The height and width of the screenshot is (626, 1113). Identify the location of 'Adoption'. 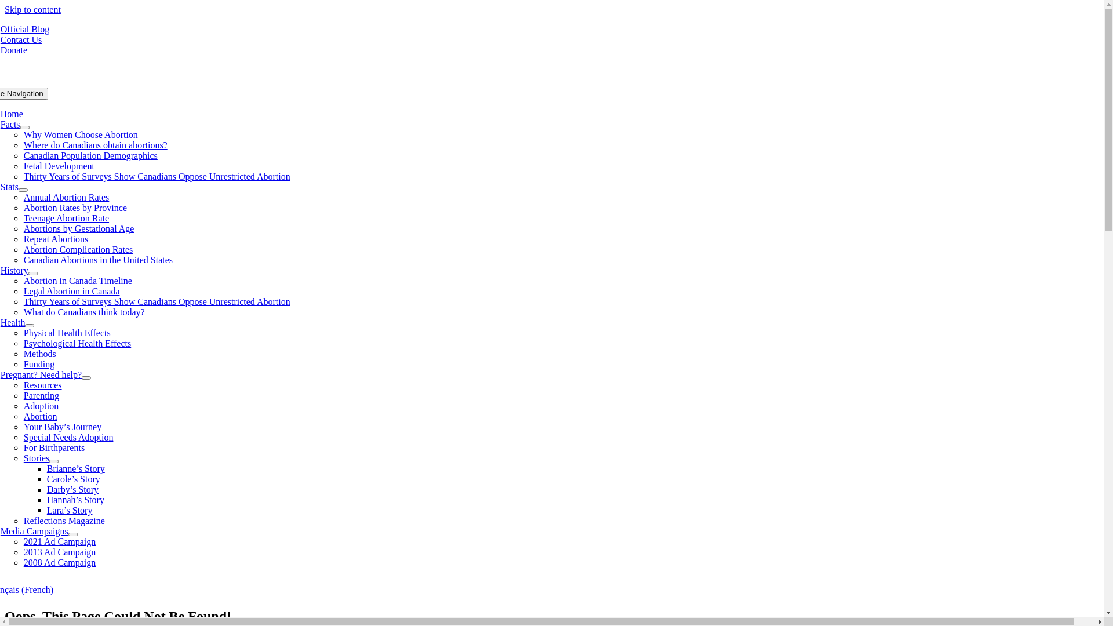
(41, 405).